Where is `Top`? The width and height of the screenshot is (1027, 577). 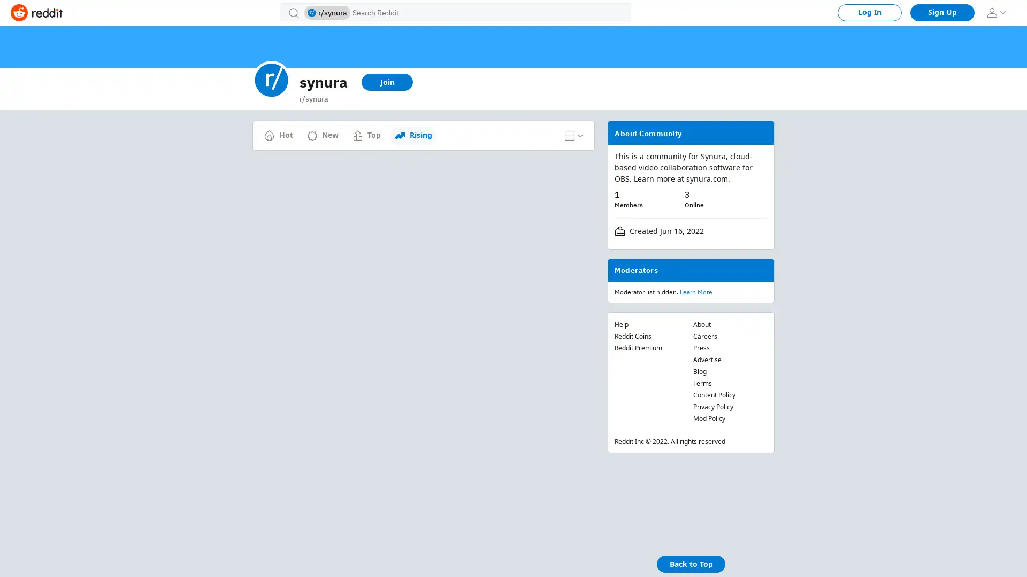 Top is located at coordinates (366, 135).